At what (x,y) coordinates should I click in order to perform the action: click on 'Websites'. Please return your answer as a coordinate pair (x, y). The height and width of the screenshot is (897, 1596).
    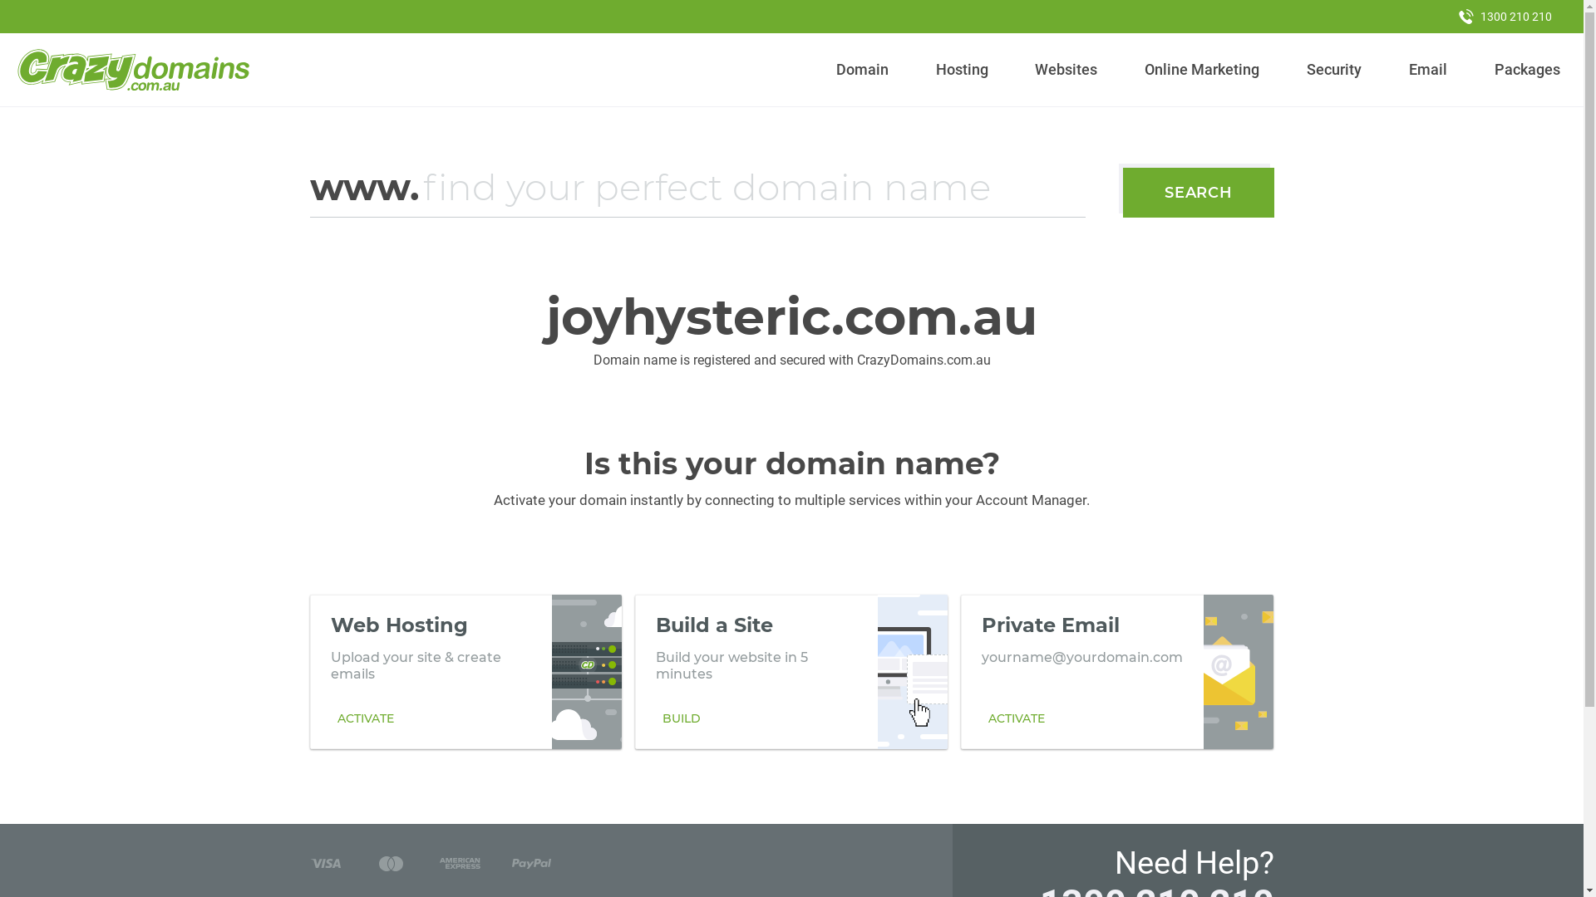
    Looking at the image, I should click on (1027, 69).